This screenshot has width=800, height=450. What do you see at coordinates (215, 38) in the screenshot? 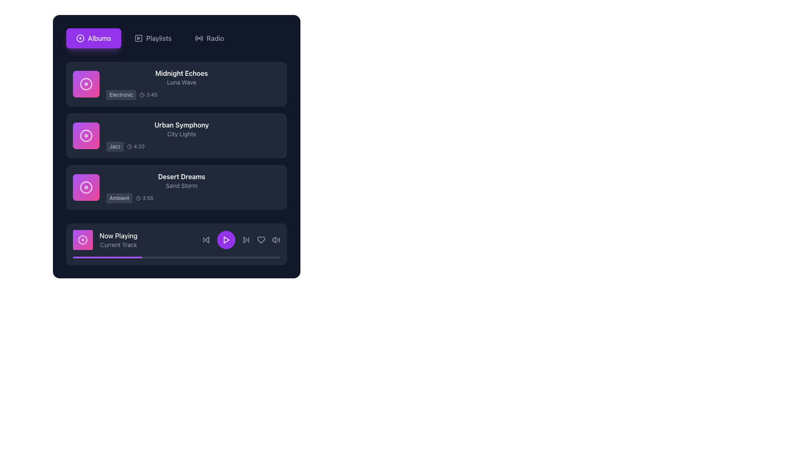
I see `text label 'Radio', which is the third item in the horizontal menu located at the top-right segment of the interface, following 'Albums' and 'Playlists'` at bounding box center [215, 38].